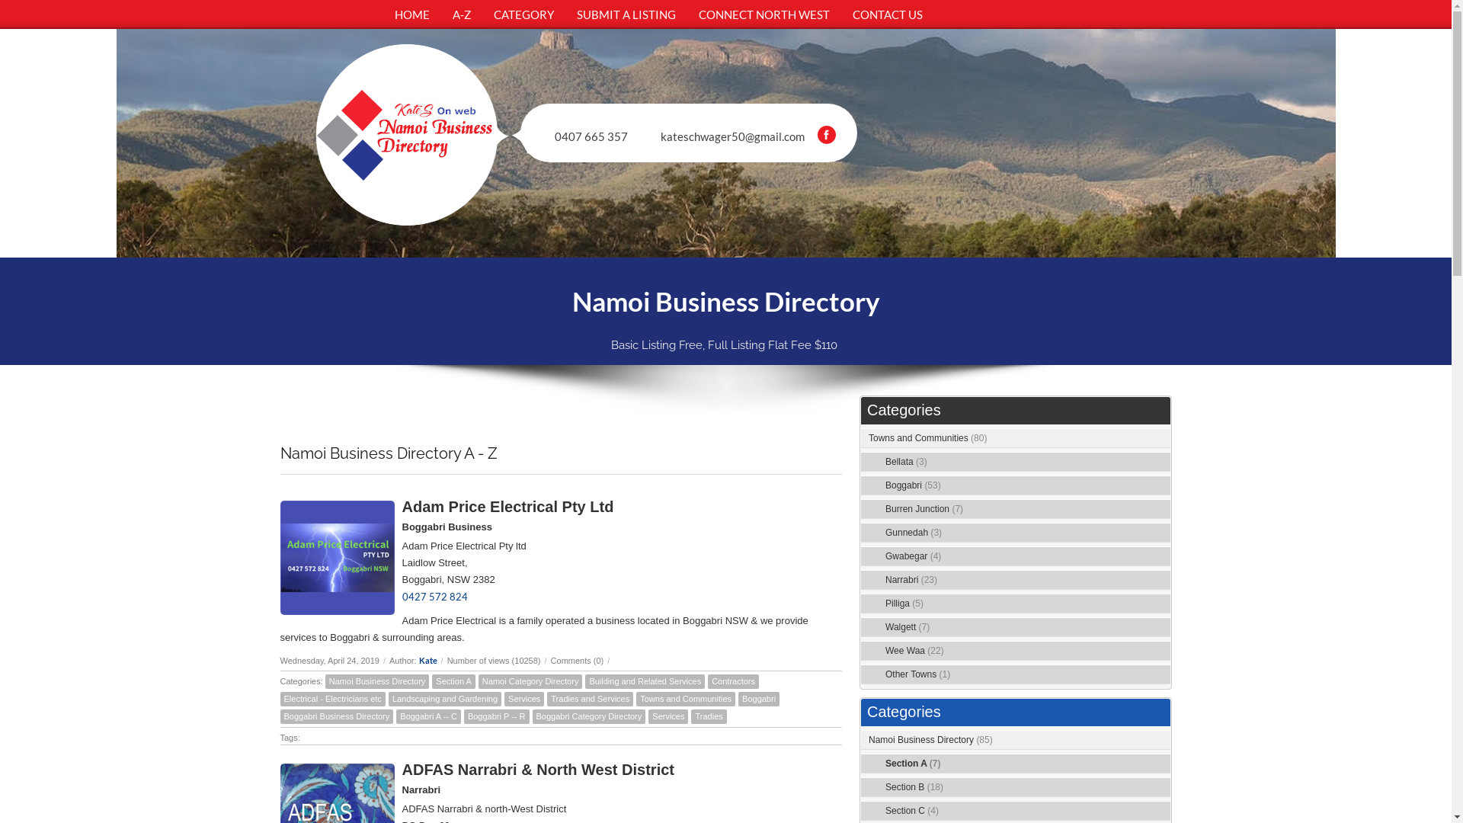 The image size is (1463, 823). Describe the element at coordinates (645, 680) in the screenshot. I see `'Building and Related Services'` at that location.